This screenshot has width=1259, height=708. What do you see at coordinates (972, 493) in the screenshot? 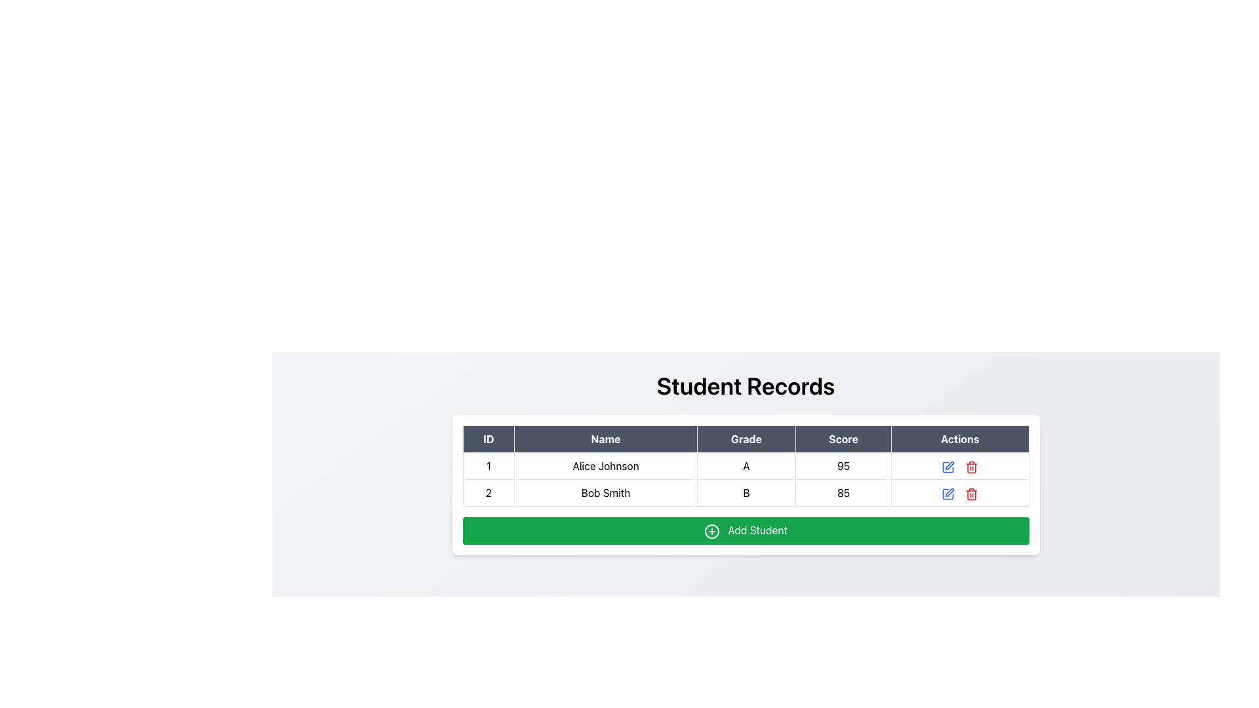
I see `the delete icon button located in the rightmost column of the table's row` at bounding box center [972, 493].